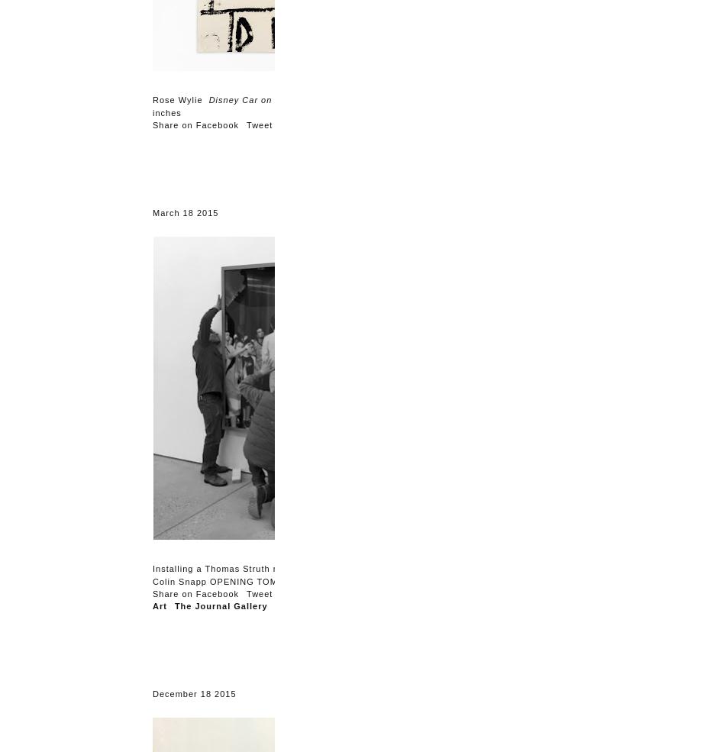  I want to click on 'The Journal Gallery', so click(221, 605).